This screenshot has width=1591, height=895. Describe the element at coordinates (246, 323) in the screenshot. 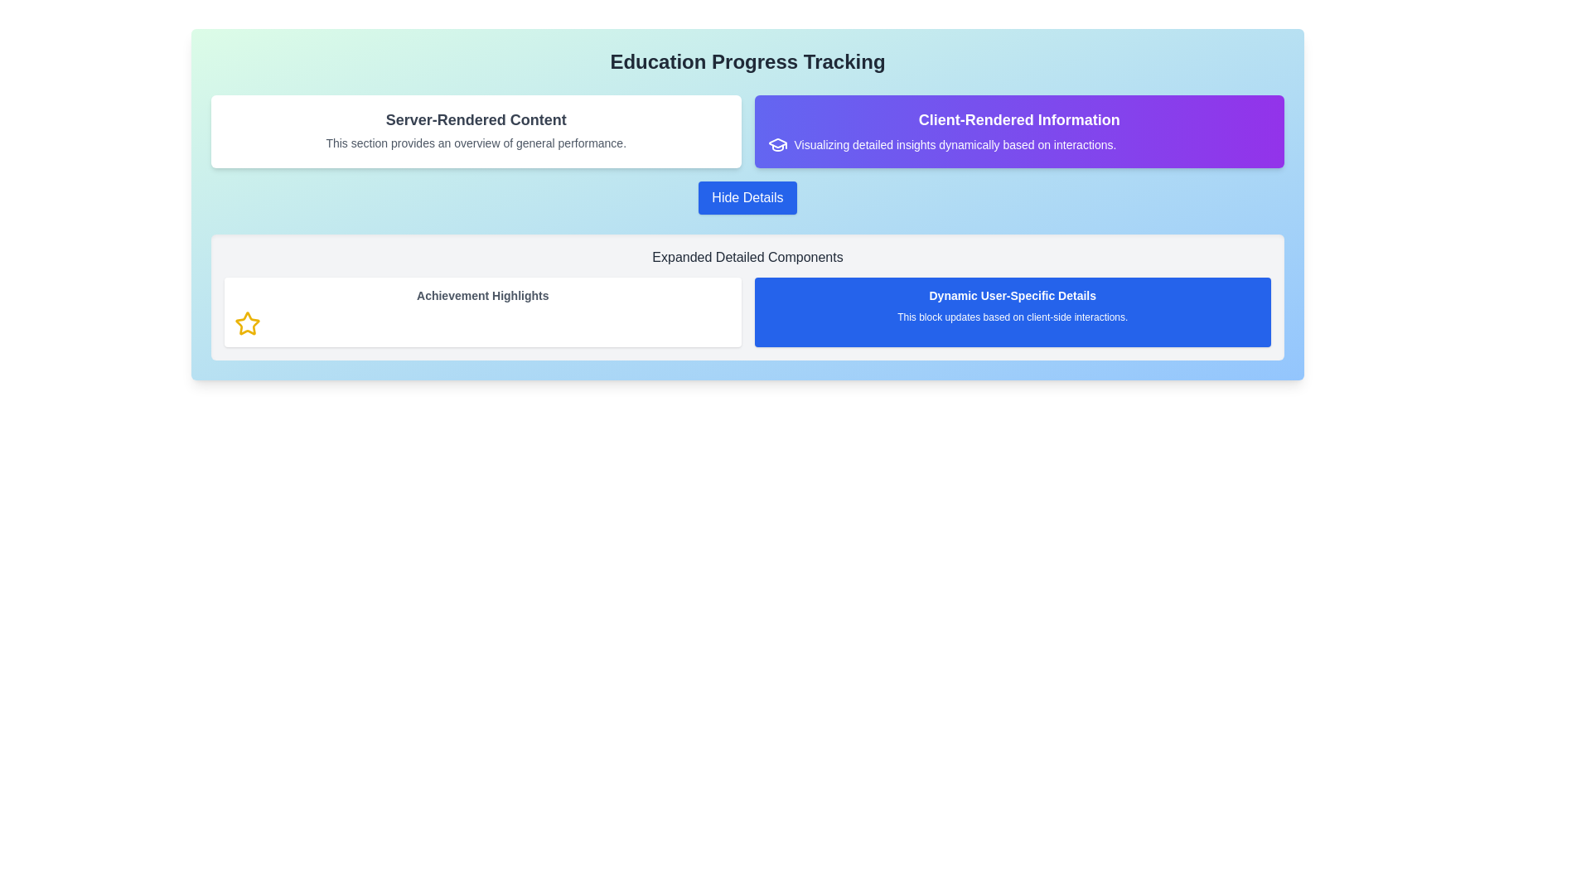

I see `the decorative icon representing the 'Achievement Highlights' section, located near the top-left corner of that section` at that location.